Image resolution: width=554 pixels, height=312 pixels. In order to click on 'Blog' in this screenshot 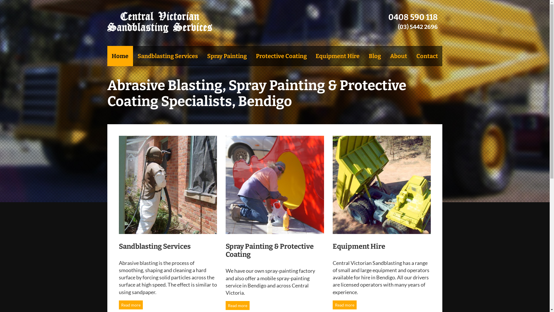, I will do `click(375, 56)`.